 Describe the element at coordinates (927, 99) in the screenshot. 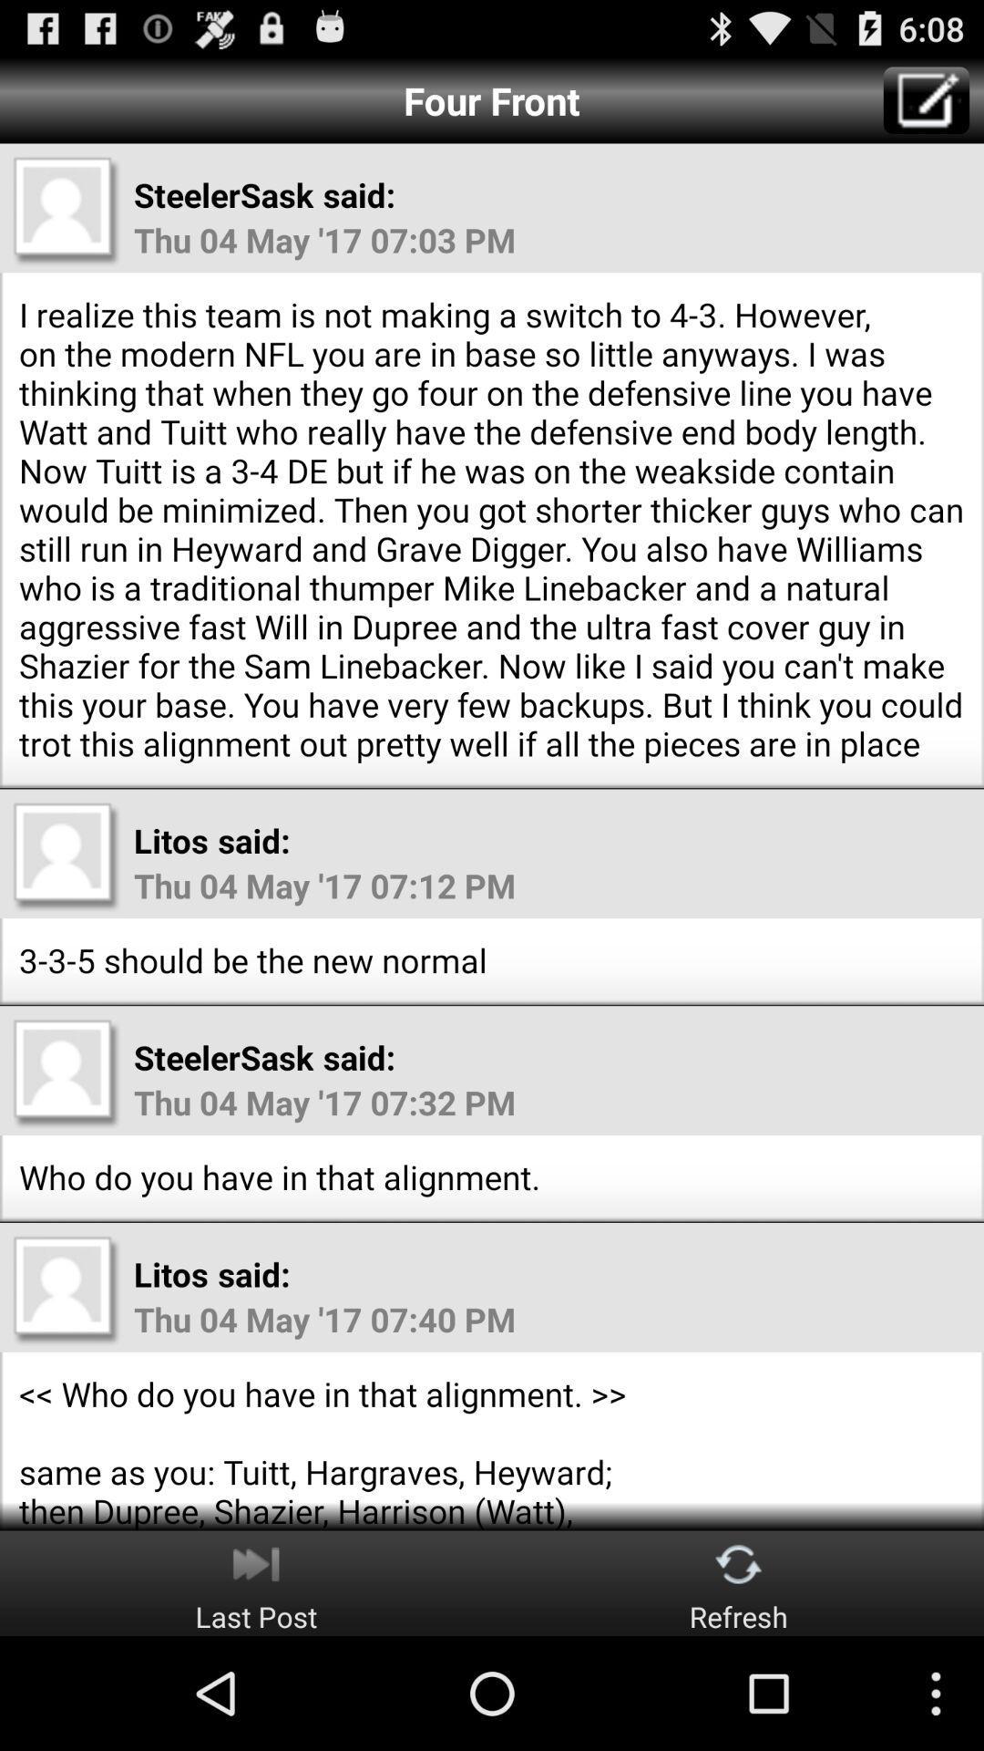

I see `write message` at that location.